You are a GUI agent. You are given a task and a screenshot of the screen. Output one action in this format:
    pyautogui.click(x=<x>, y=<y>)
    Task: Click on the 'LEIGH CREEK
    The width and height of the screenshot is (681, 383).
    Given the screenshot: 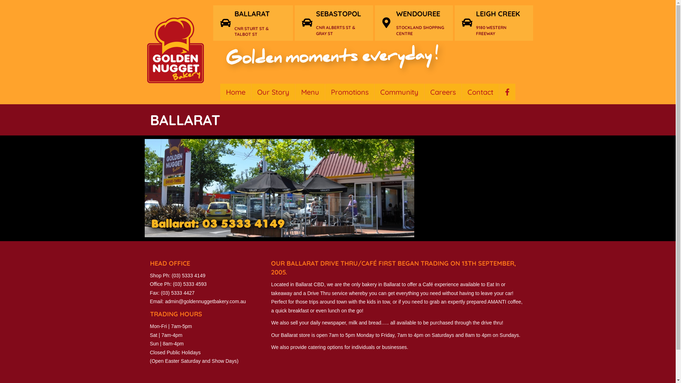 What is the action you would take?
    pyautogui.click(x=500, y=22)
    